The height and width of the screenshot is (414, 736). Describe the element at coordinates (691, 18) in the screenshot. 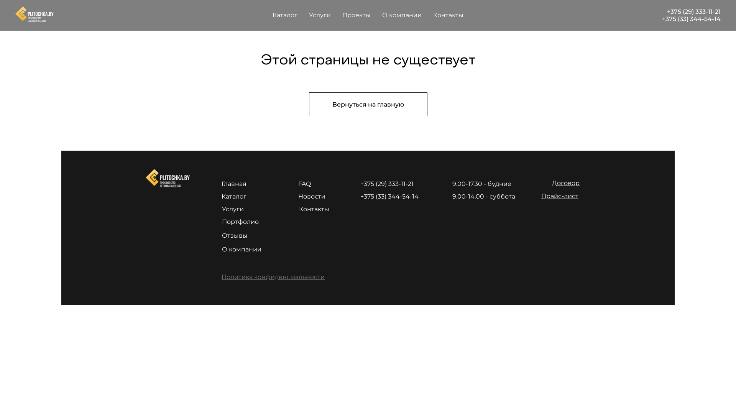

I see `'+375 (33) 344-54-14'` at that location.